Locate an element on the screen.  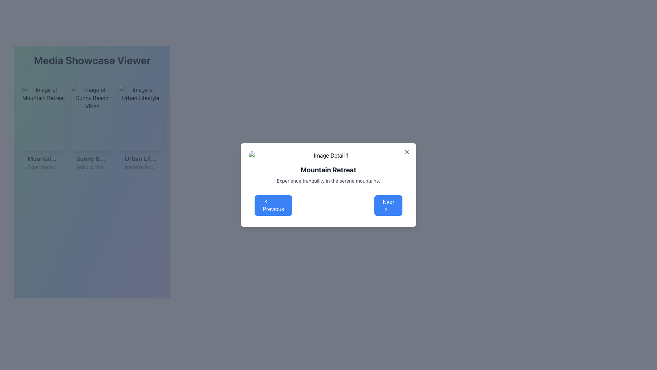
the navigation button located to the right of the 'Previous' button at the bottom of the interface is located at coordinates (388, 205).